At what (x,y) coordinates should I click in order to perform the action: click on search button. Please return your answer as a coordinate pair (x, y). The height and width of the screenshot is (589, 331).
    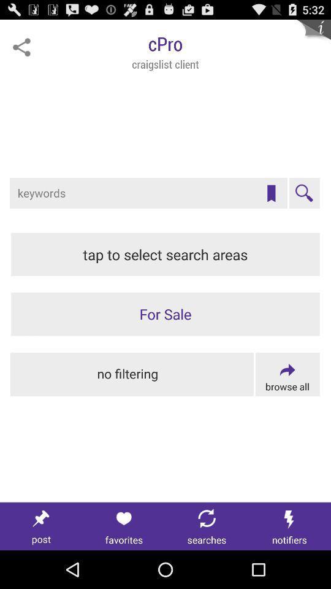
    Looking at the image, I should click on (303, 193).